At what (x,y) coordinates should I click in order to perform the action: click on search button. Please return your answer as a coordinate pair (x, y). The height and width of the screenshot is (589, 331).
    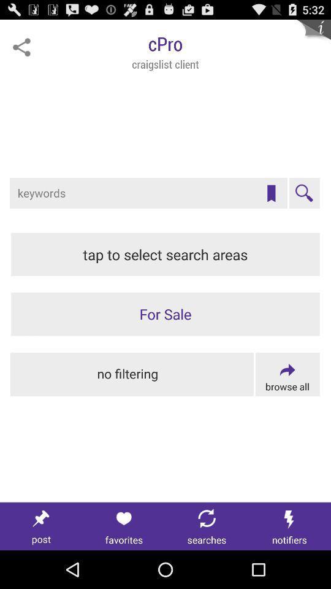
    Looking at the image, I should click on (303, 193).